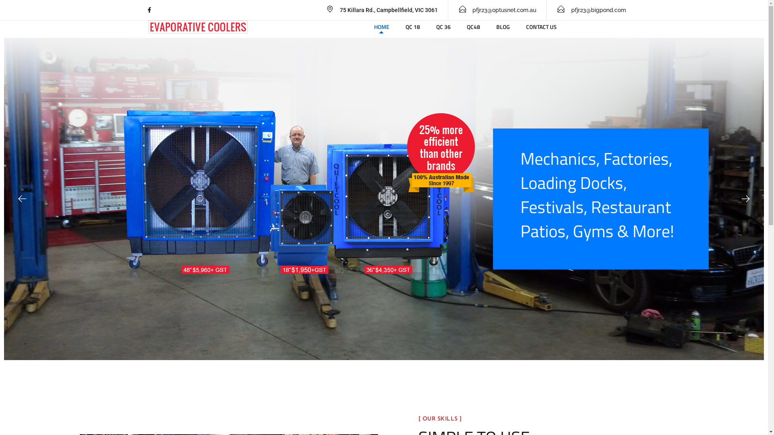  I want to click on 'QC 36', so click(443, 26).